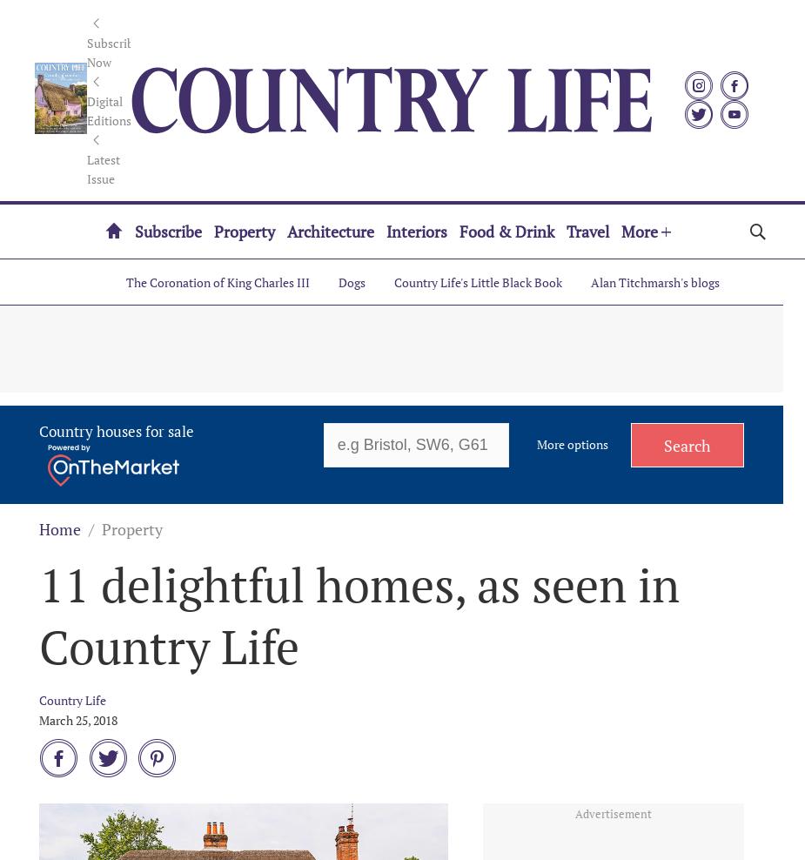 The image size is (805, 860). Describe the element at coordinates (37, 615) in the screenshot. I see `'11 delightful homes, as seen in Country Life'` at that location.